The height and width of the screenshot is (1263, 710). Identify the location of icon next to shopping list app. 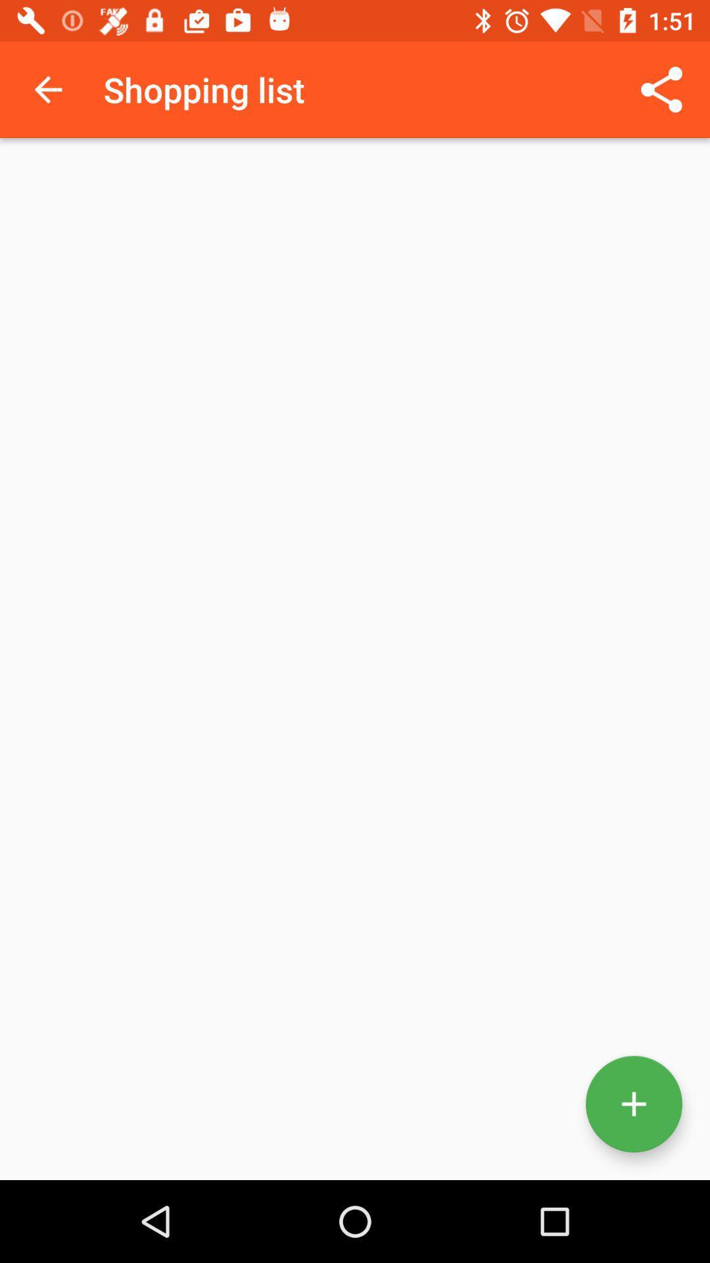
(661, 89).